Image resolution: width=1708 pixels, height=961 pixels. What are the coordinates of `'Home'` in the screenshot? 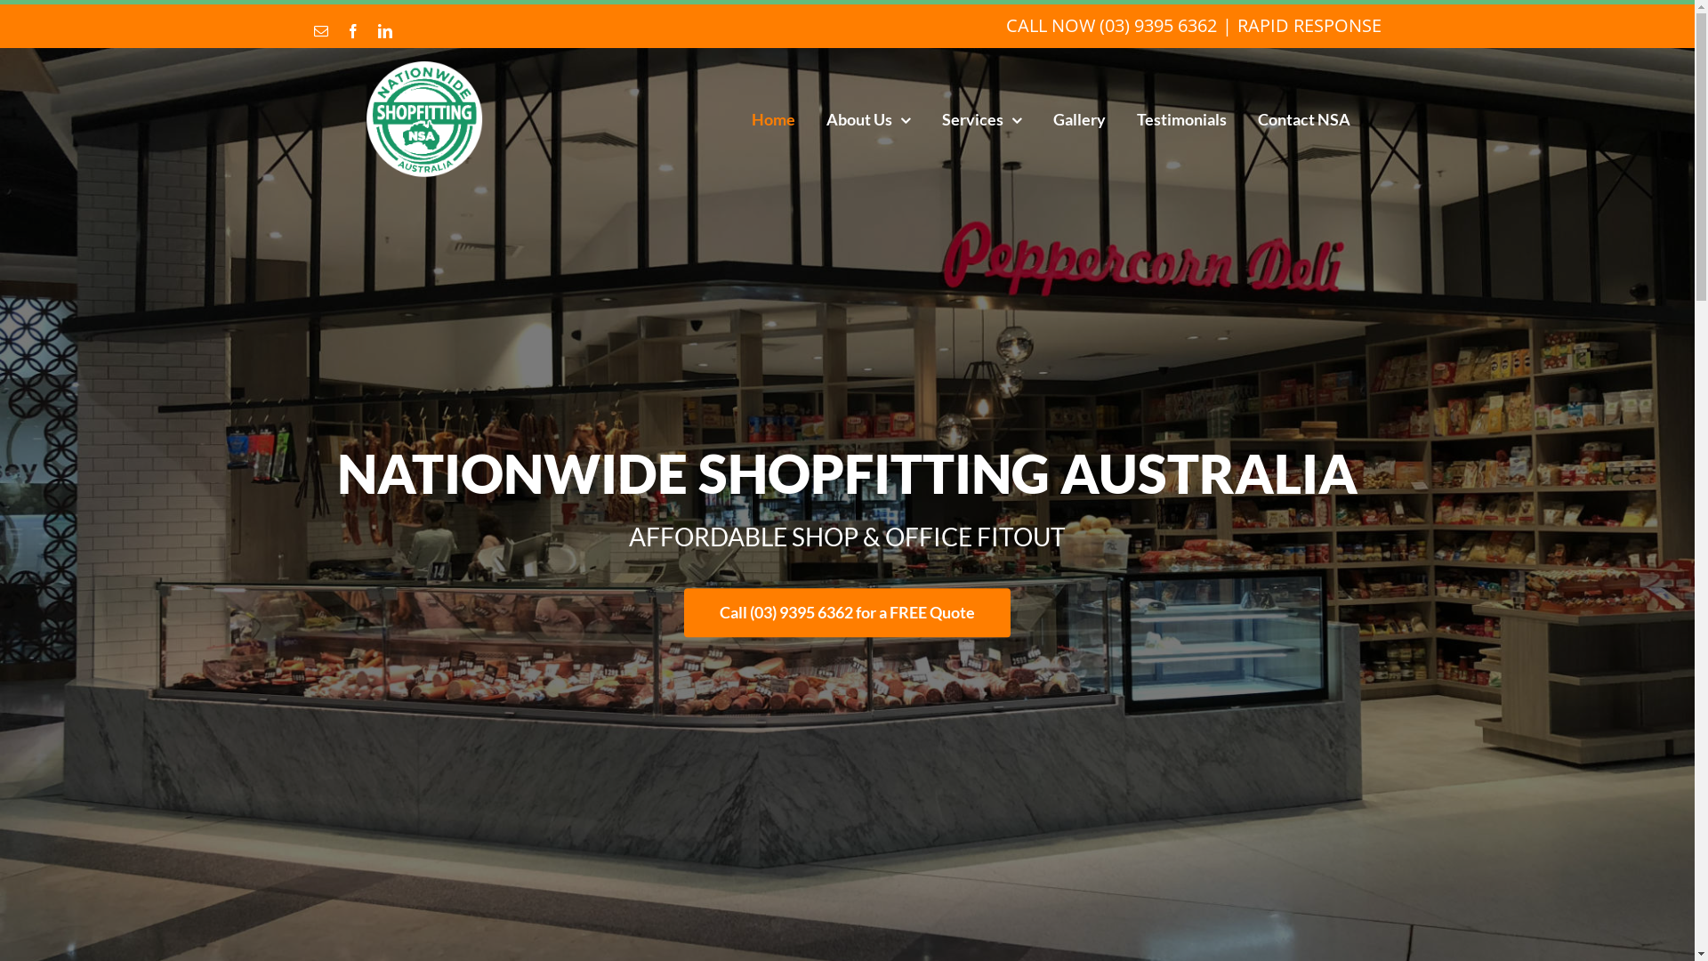 It's located at (772, 119).